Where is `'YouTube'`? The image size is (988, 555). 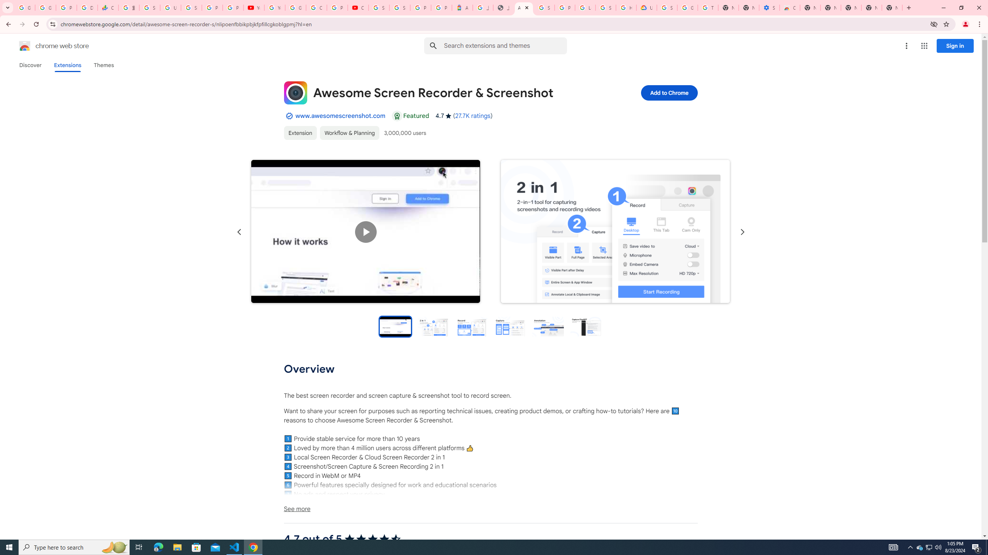
'YouTube' is located at coordinates (253, 7).